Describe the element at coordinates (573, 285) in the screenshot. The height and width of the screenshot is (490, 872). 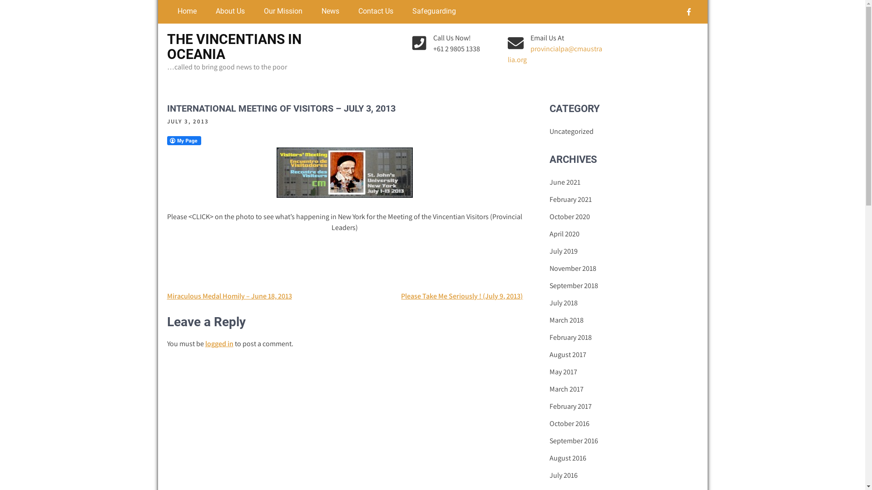
I see `'September 2018'` at that location.